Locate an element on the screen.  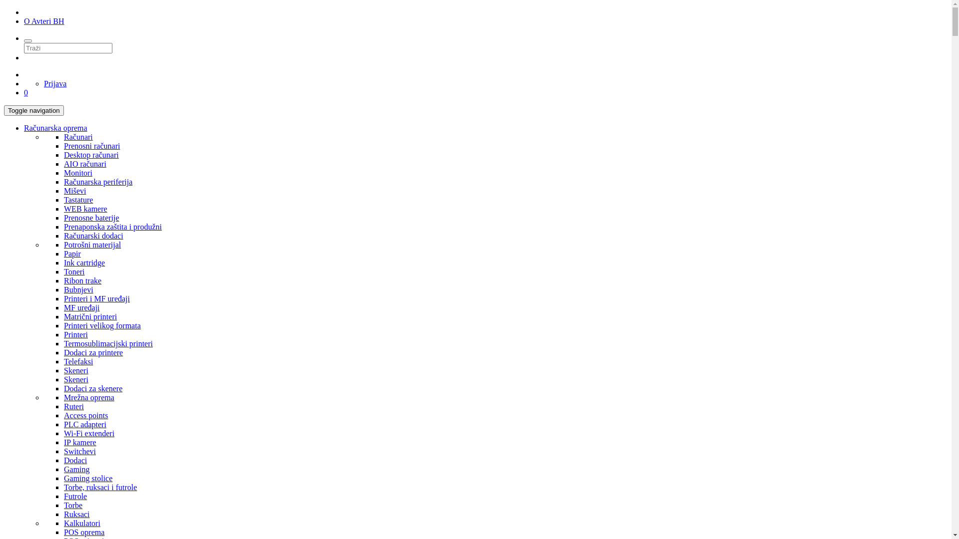
'Bubnjevi' is located at coordinates (78, 289).